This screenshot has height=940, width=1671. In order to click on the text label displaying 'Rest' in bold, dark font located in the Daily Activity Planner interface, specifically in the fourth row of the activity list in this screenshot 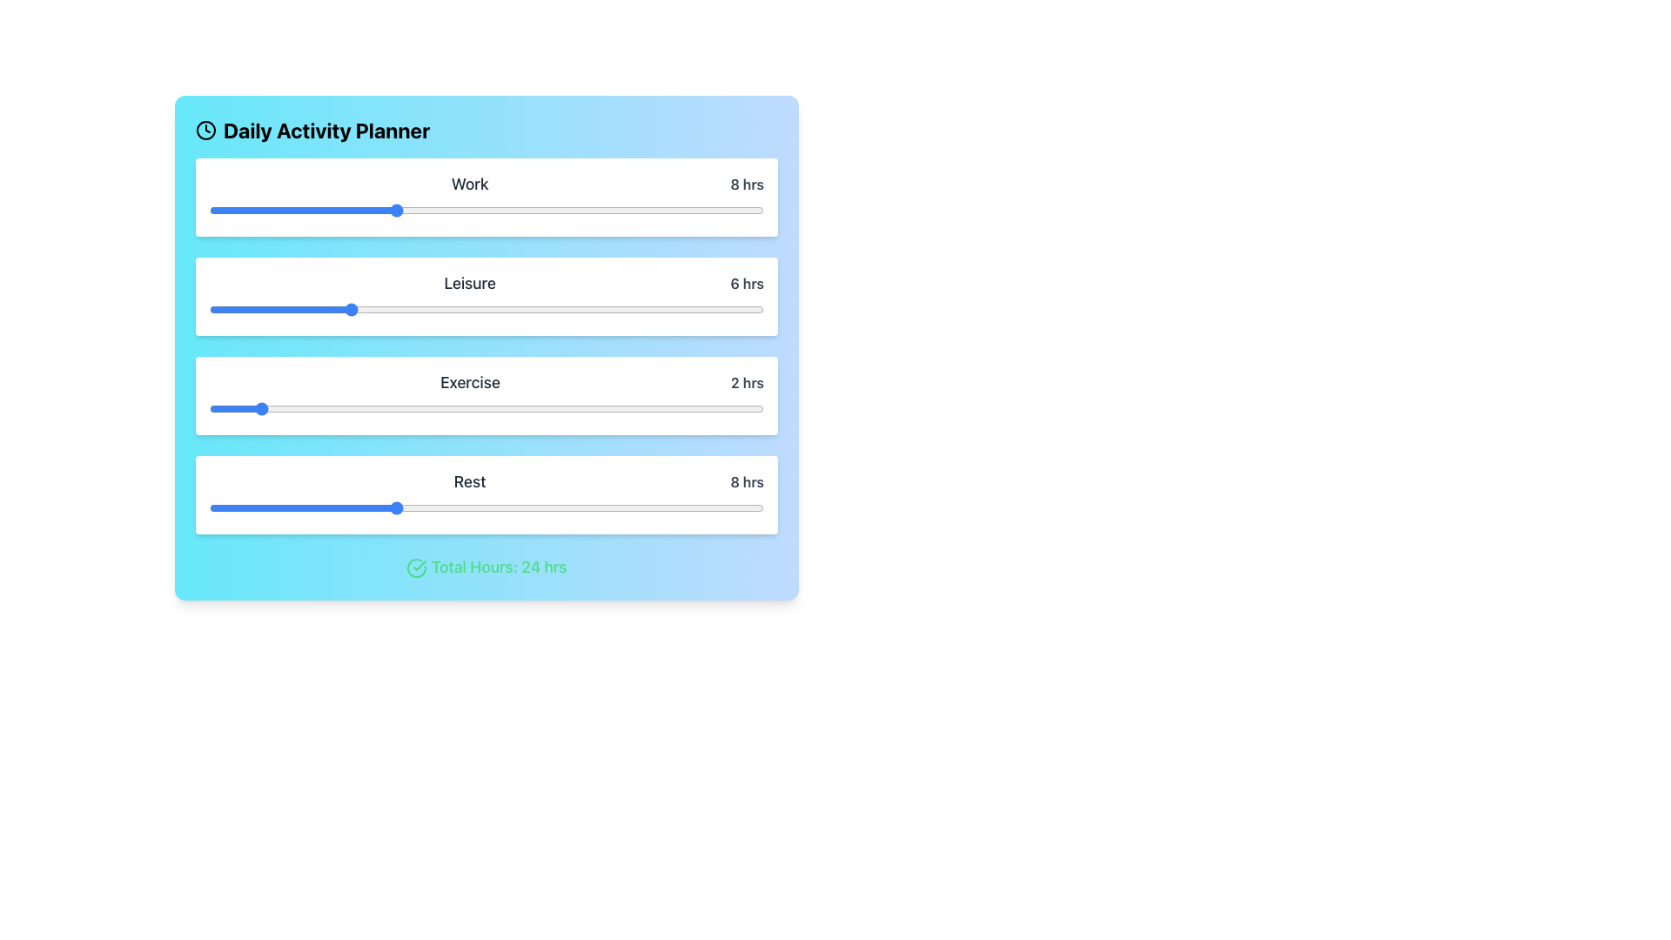, I will do `click(470, 482)`.